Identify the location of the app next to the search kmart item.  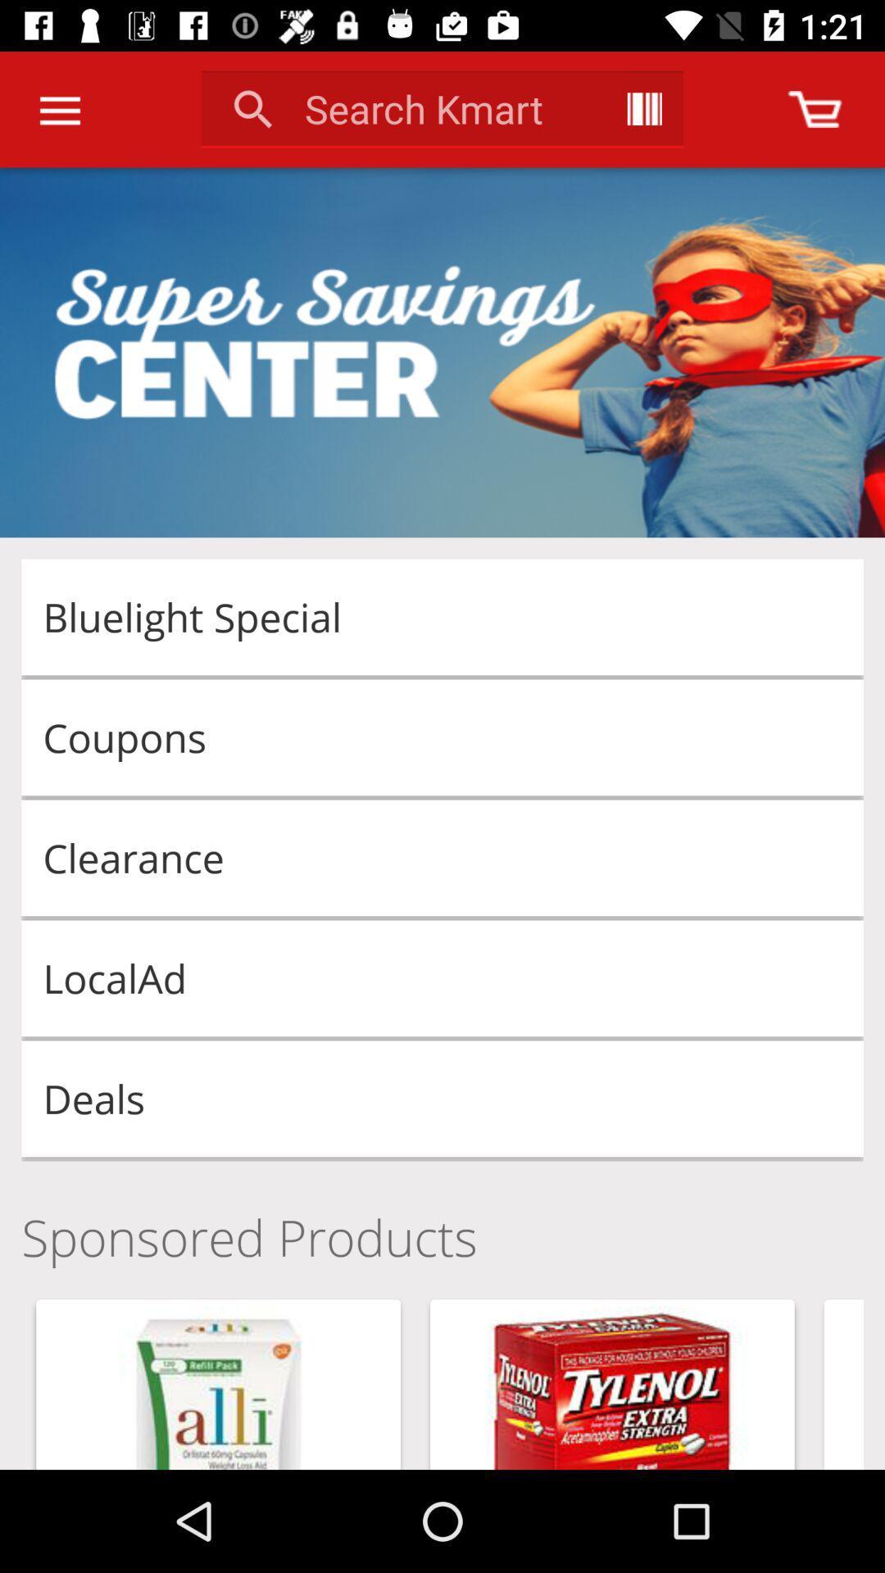
(643, 108).